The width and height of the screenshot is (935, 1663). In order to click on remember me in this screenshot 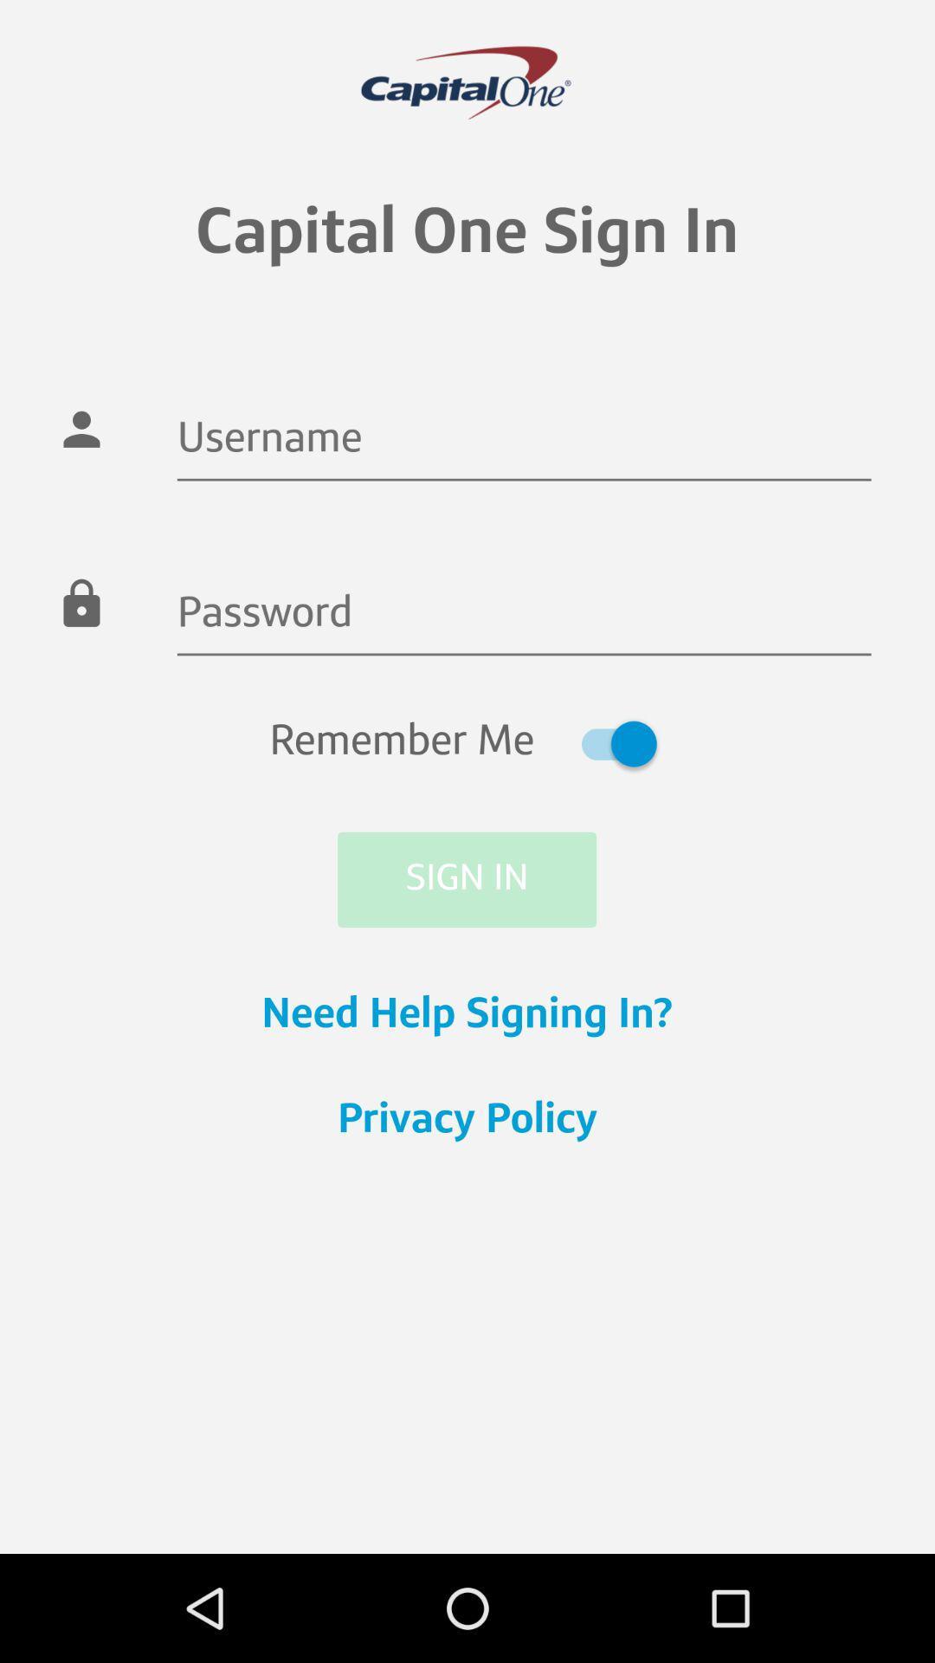, I will do `click(466, 743)`.